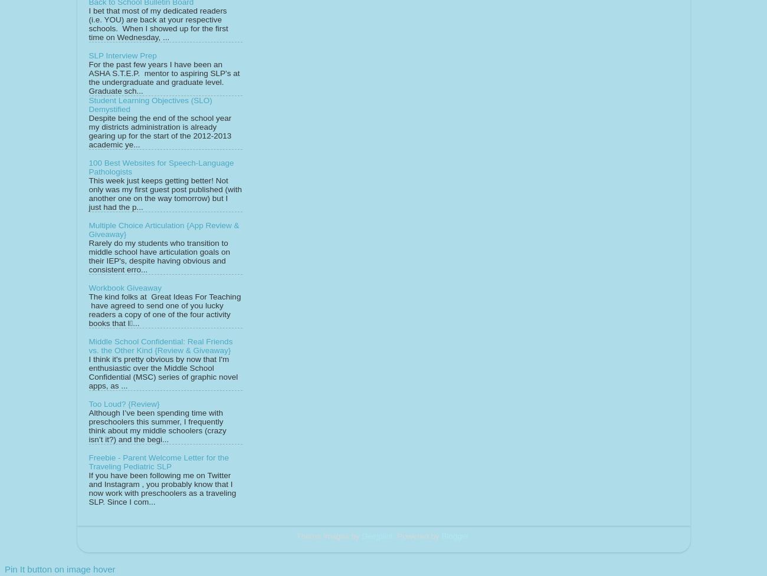 The height and width of the screenshot is (576, 767). I want to click on 'I think it's pretty obvious by now that I'm enthusiastic over the Middle School Confidential (MSC) series of graphic novel apps, as ...', so click(163, 371).